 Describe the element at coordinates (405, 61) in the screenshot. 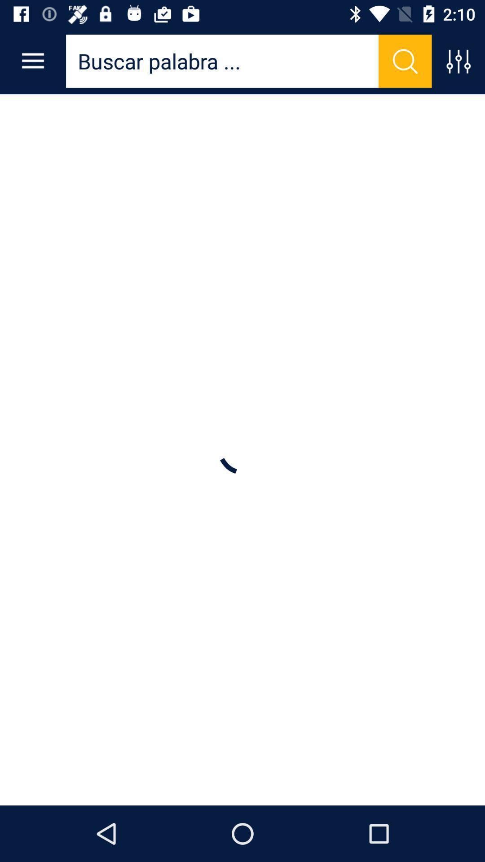

I see `search dictionary` at that location.